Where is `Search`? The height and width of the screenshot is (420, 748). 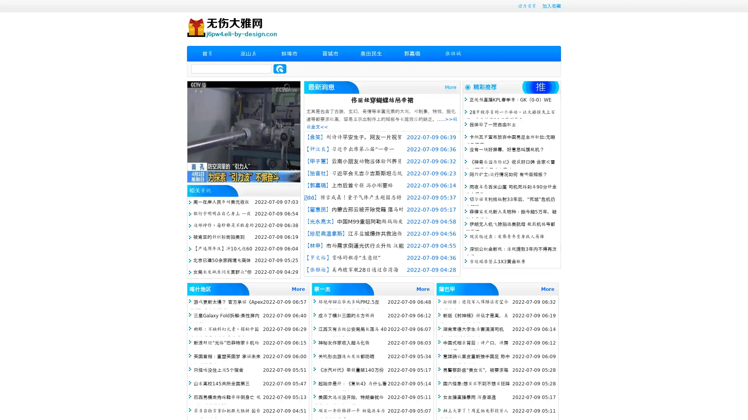 Search is located at coordinates (280, 68).